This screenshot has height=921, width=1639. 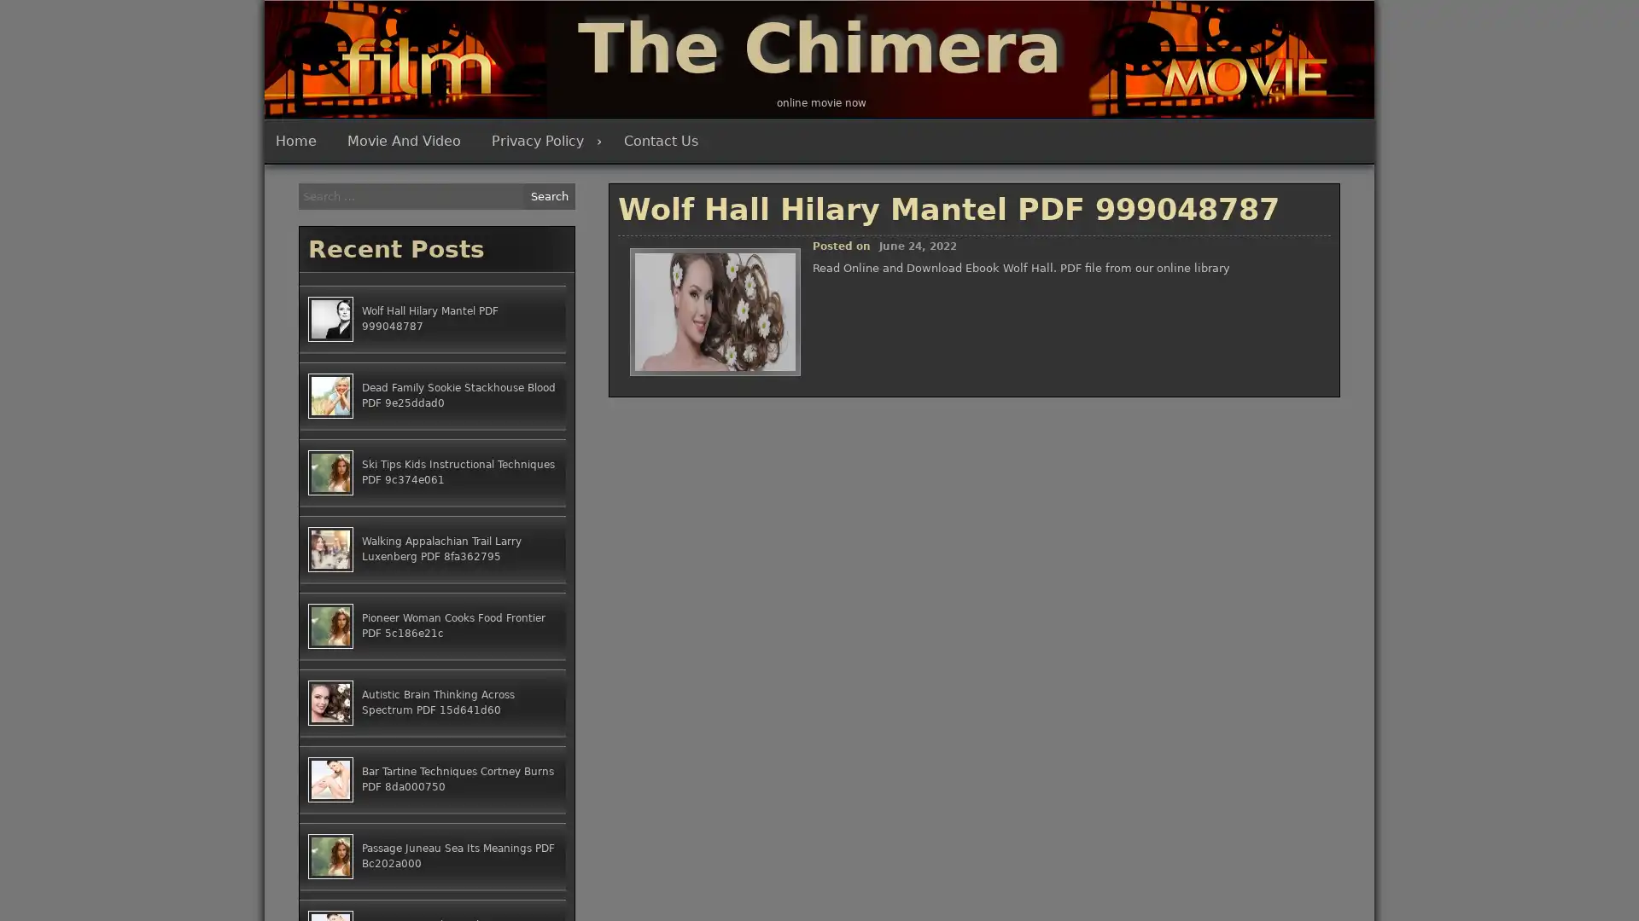 I want to click on Search, so click(x=549, y=195).